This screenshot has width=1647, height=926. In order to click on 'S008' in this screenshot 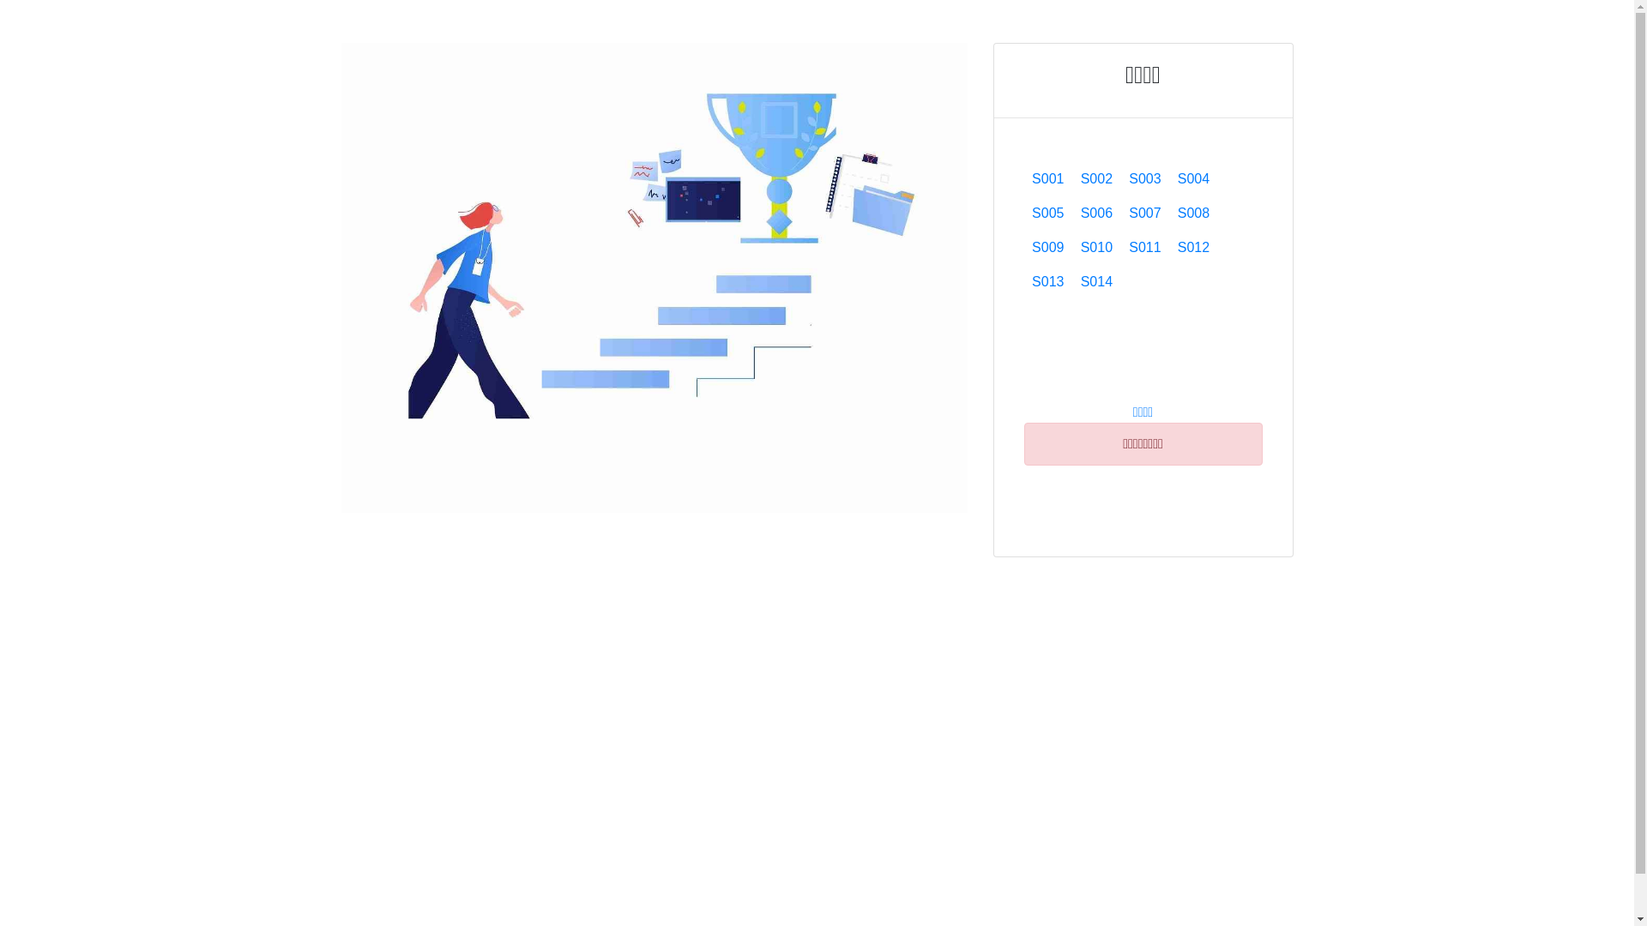, I will do `click(1168, 213)`.